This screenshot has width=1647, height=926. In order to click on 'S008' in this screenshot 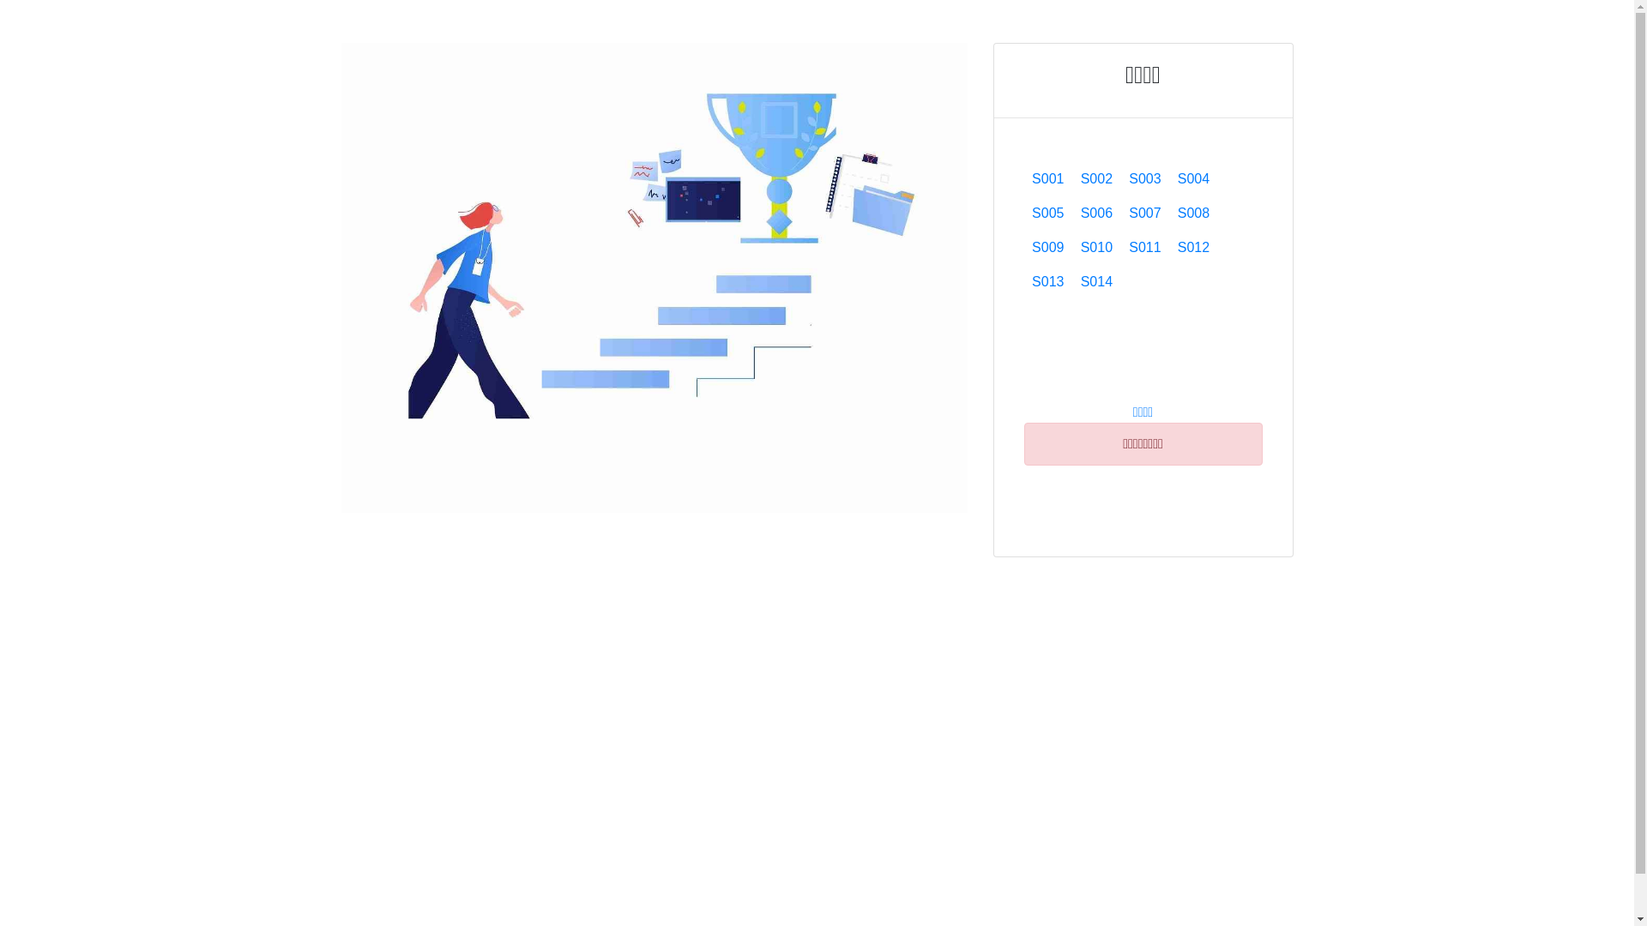, I will do `click(1168, 213)`.